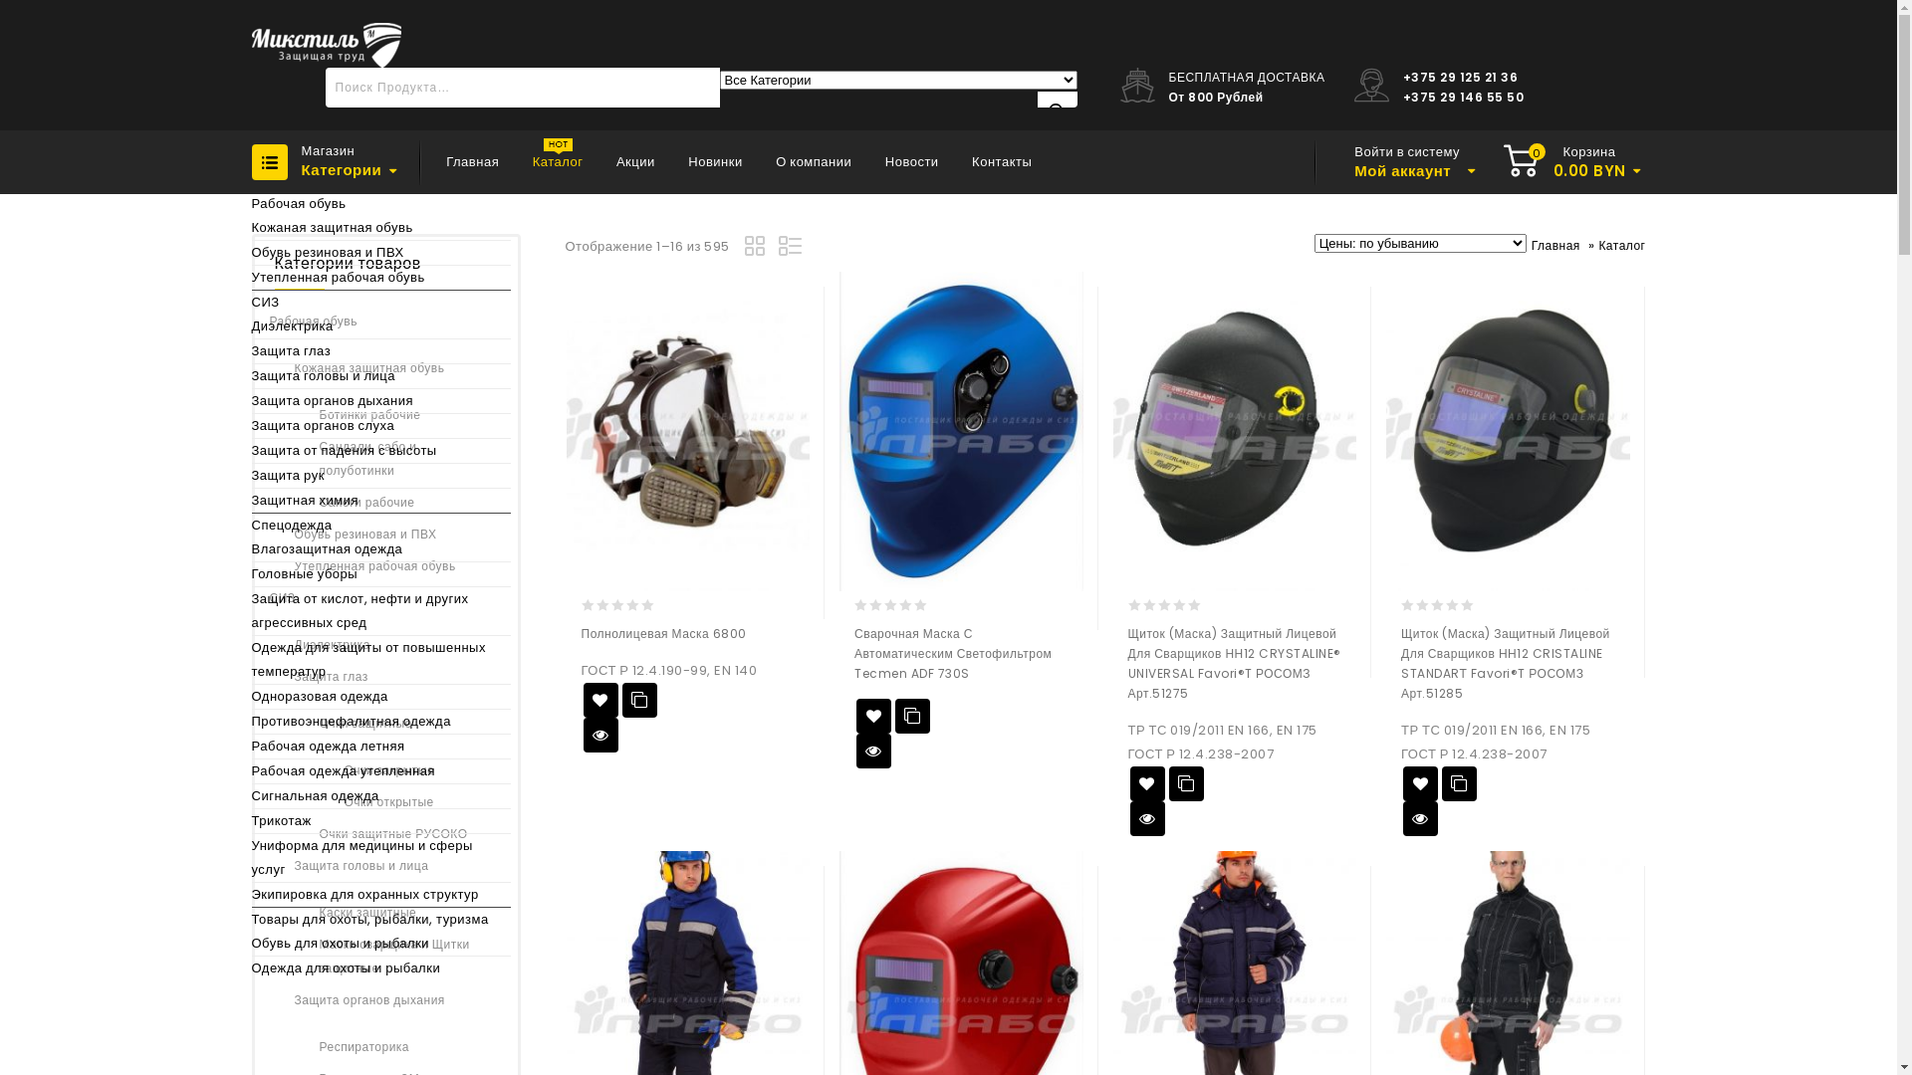  What do you see at coordinates (791, 248) in the screenshot?
I see `'List view'` at bounding box center [791, 248].